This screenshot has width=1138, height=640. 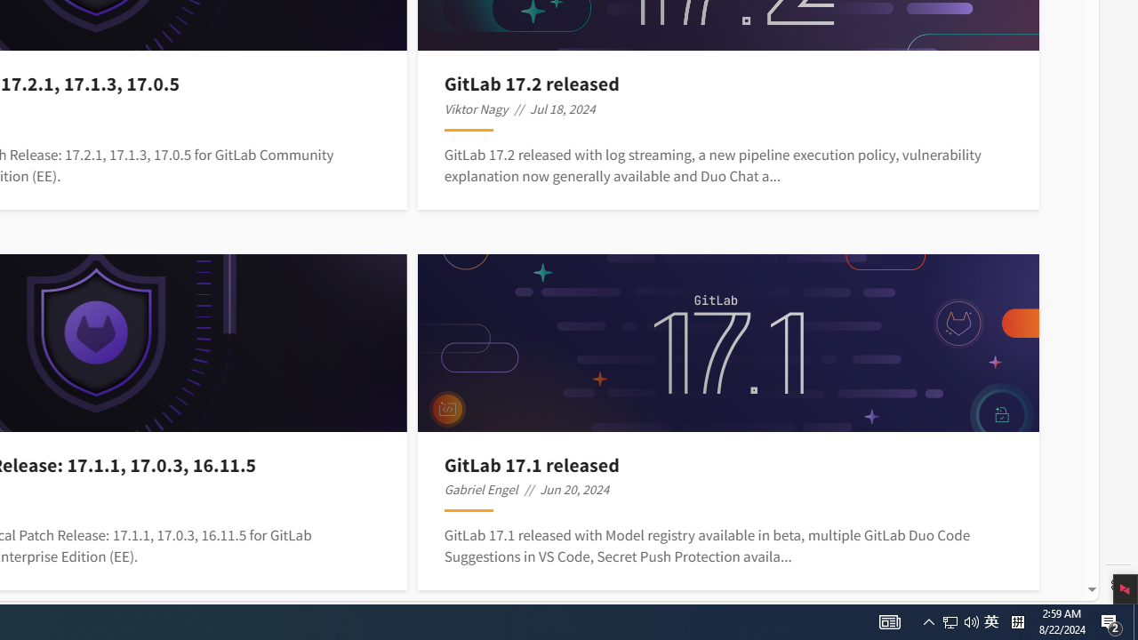 I want to click on 'GitLab 17.2 released', so click(x=728, y=84).